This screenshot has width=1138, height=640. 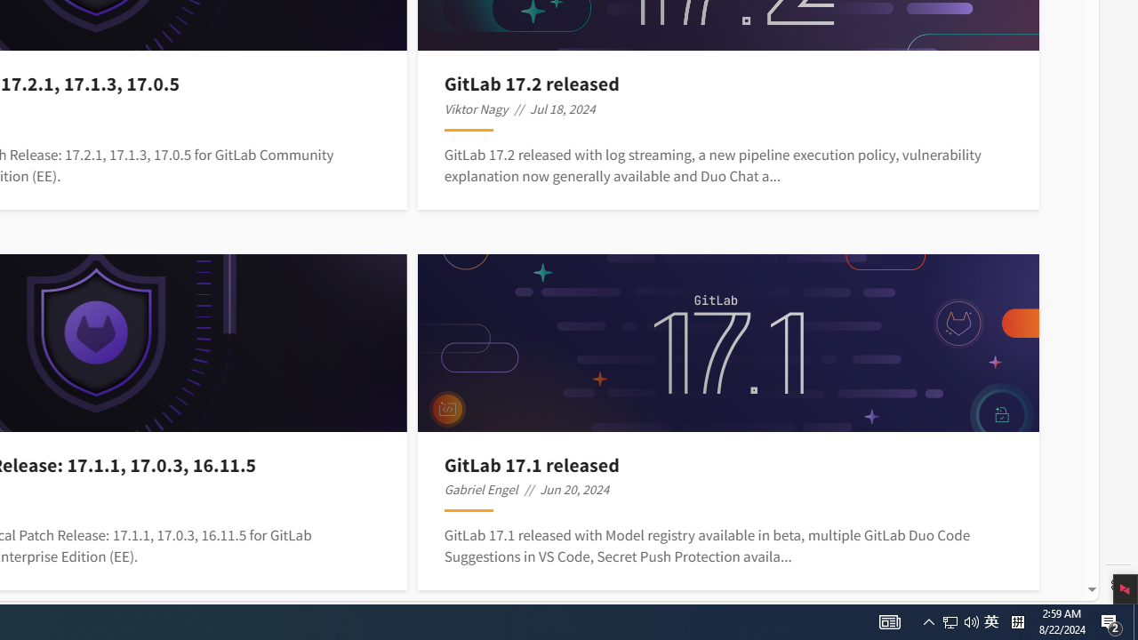 I want to click on 'GitLab 17.2 released', so click(x=728, y=84).